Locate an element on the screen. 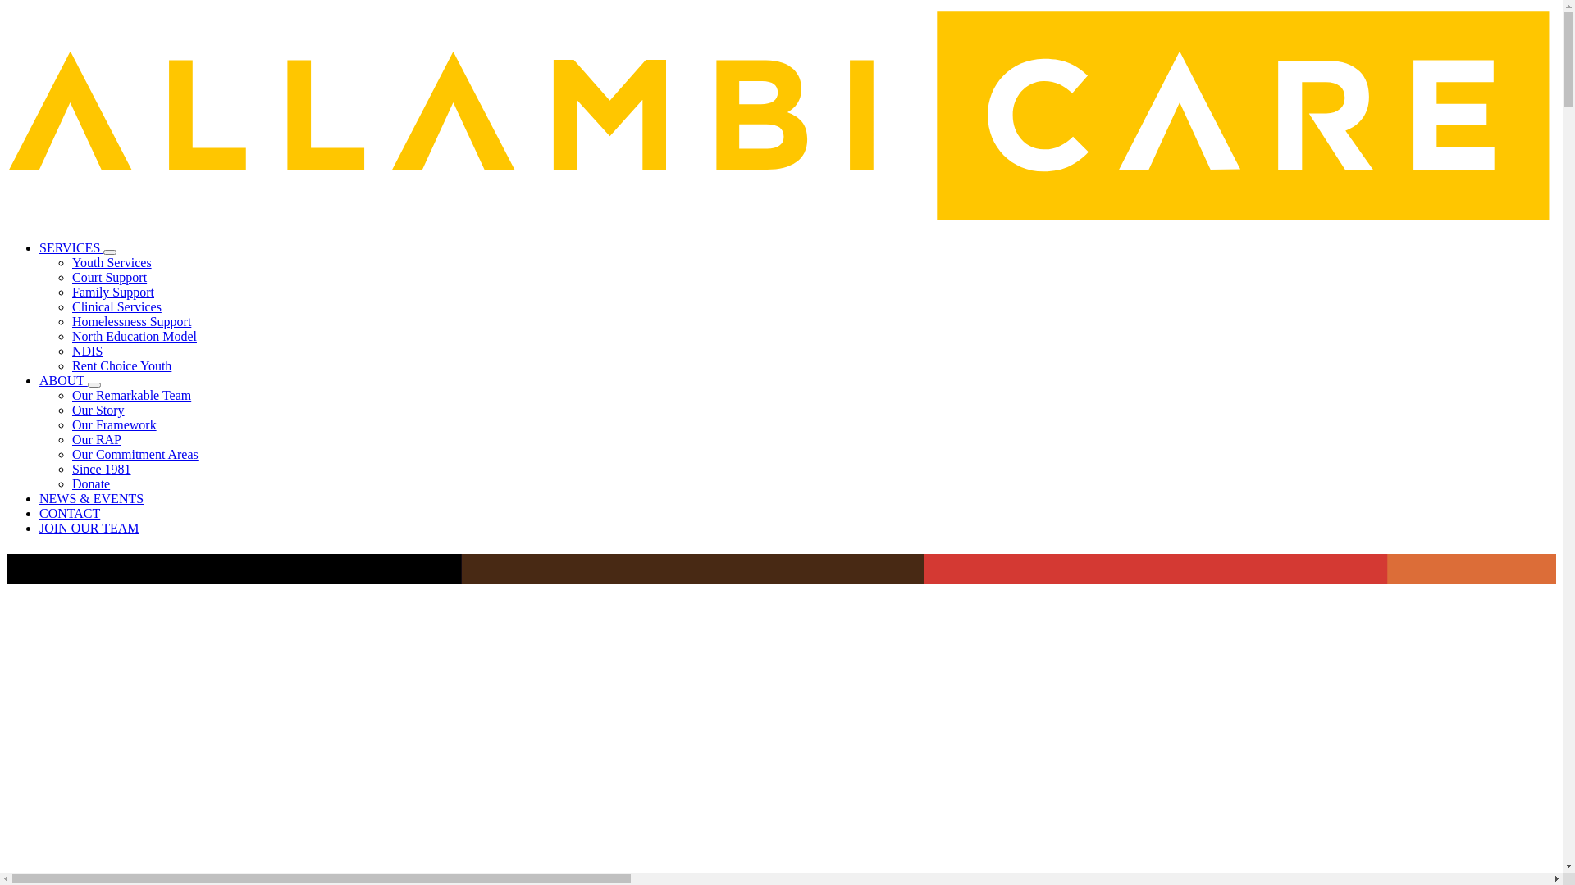 The image size is (1575, 885). 'Our Story' is located at coordinates (98, 409).